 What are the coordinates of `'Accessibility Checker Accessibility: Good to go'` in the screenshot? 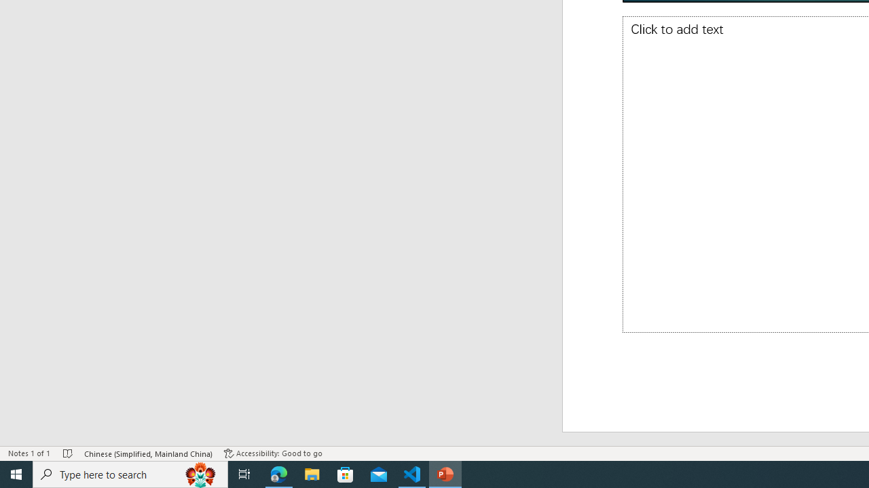 It's located at (272, 453).